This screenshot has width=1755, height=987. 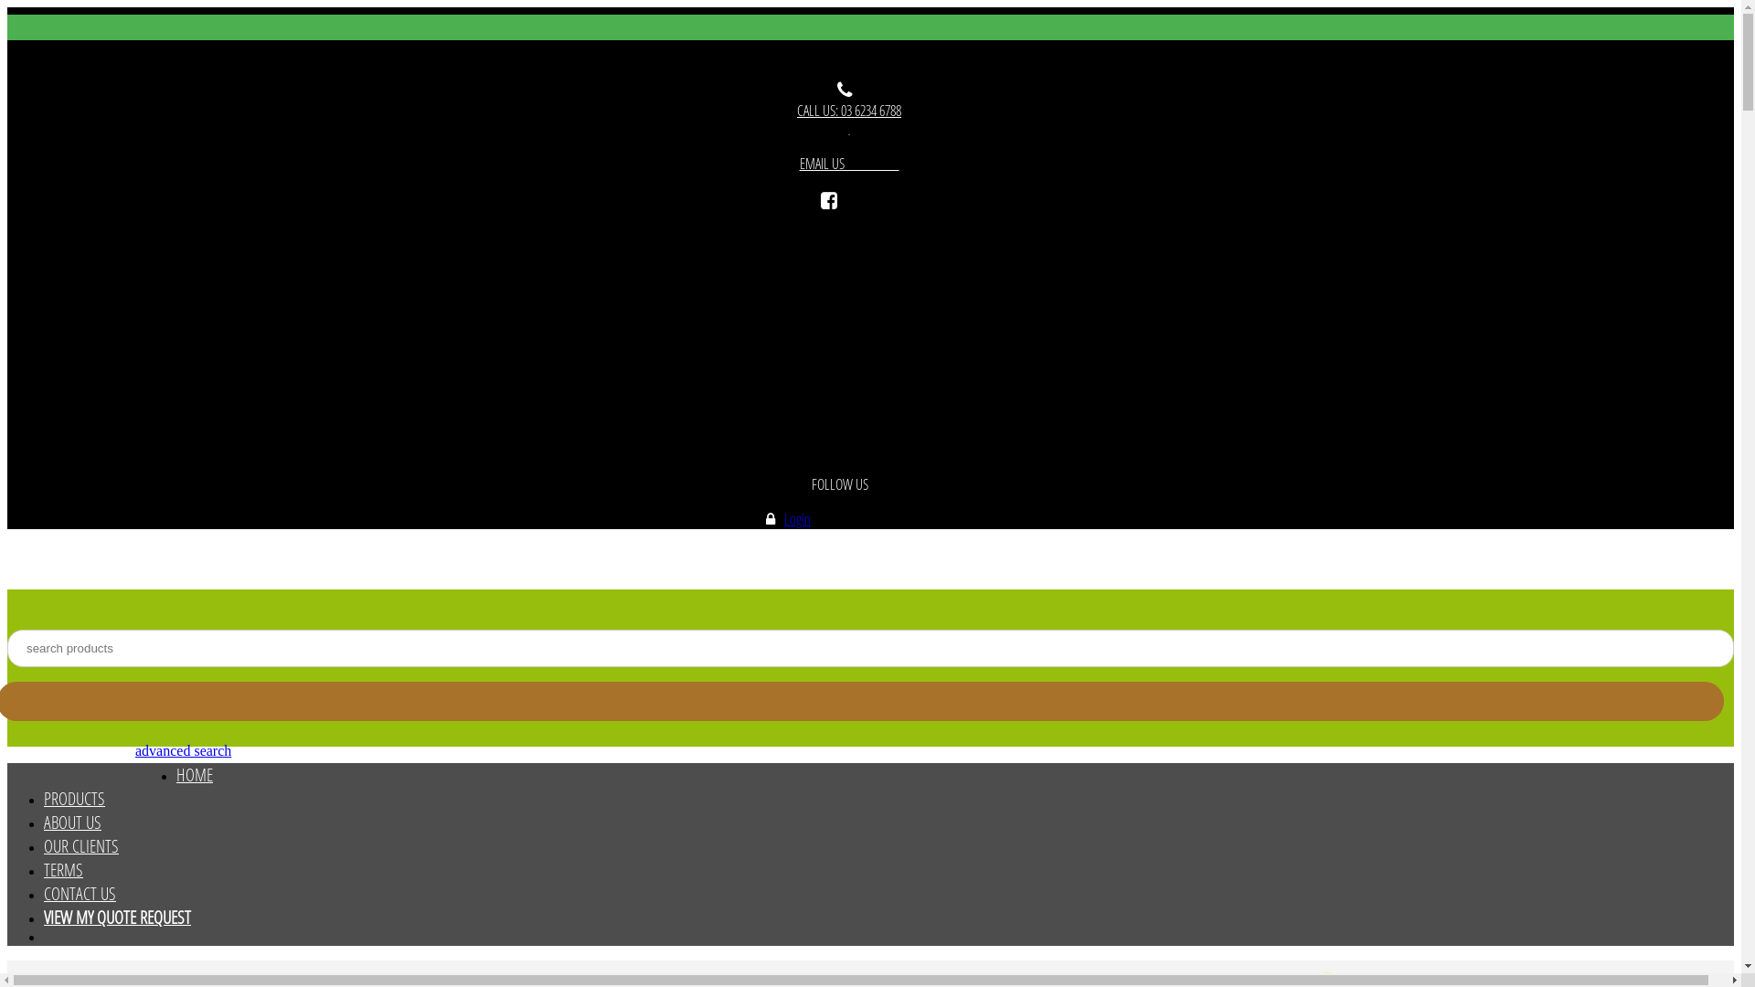 What do you see at coordinates (79, 893) in the screenshot?
I see `'CONTACT US'` at bounding box center [79, 893].